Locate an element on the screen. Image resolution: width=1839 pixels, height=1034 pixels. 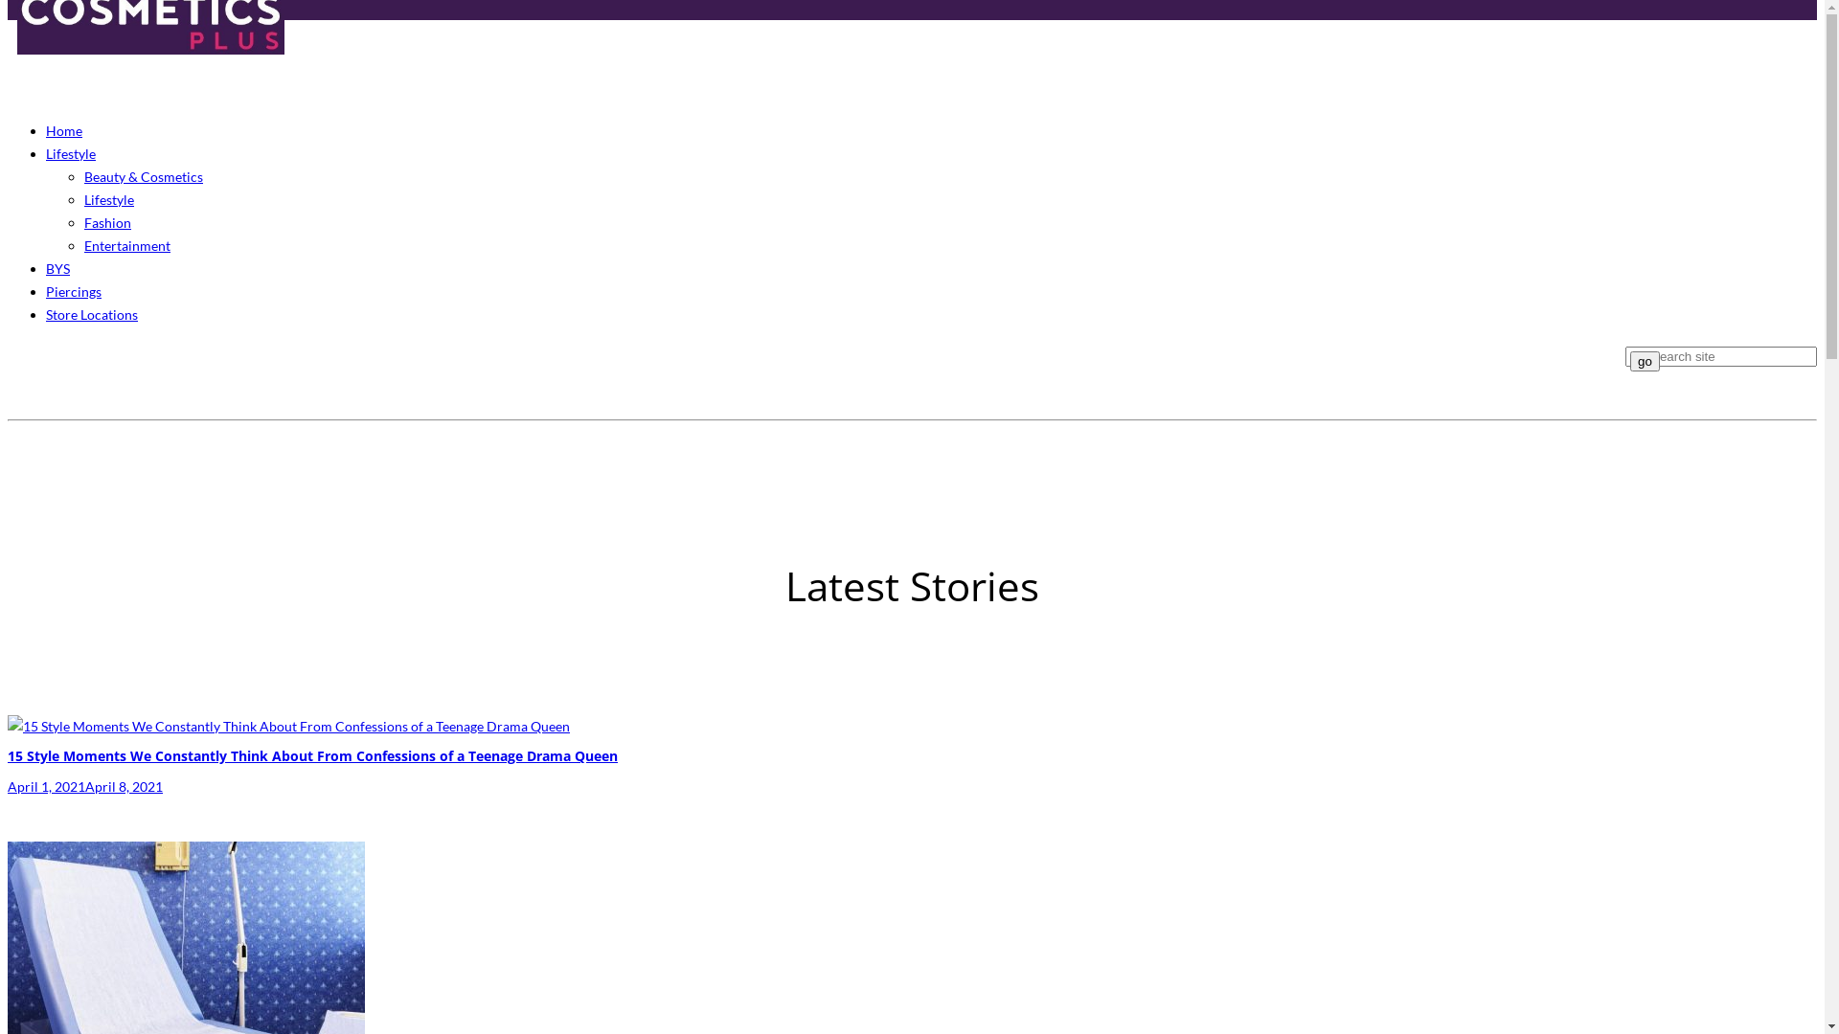
'BYS' is located at coordinates (57, 268).